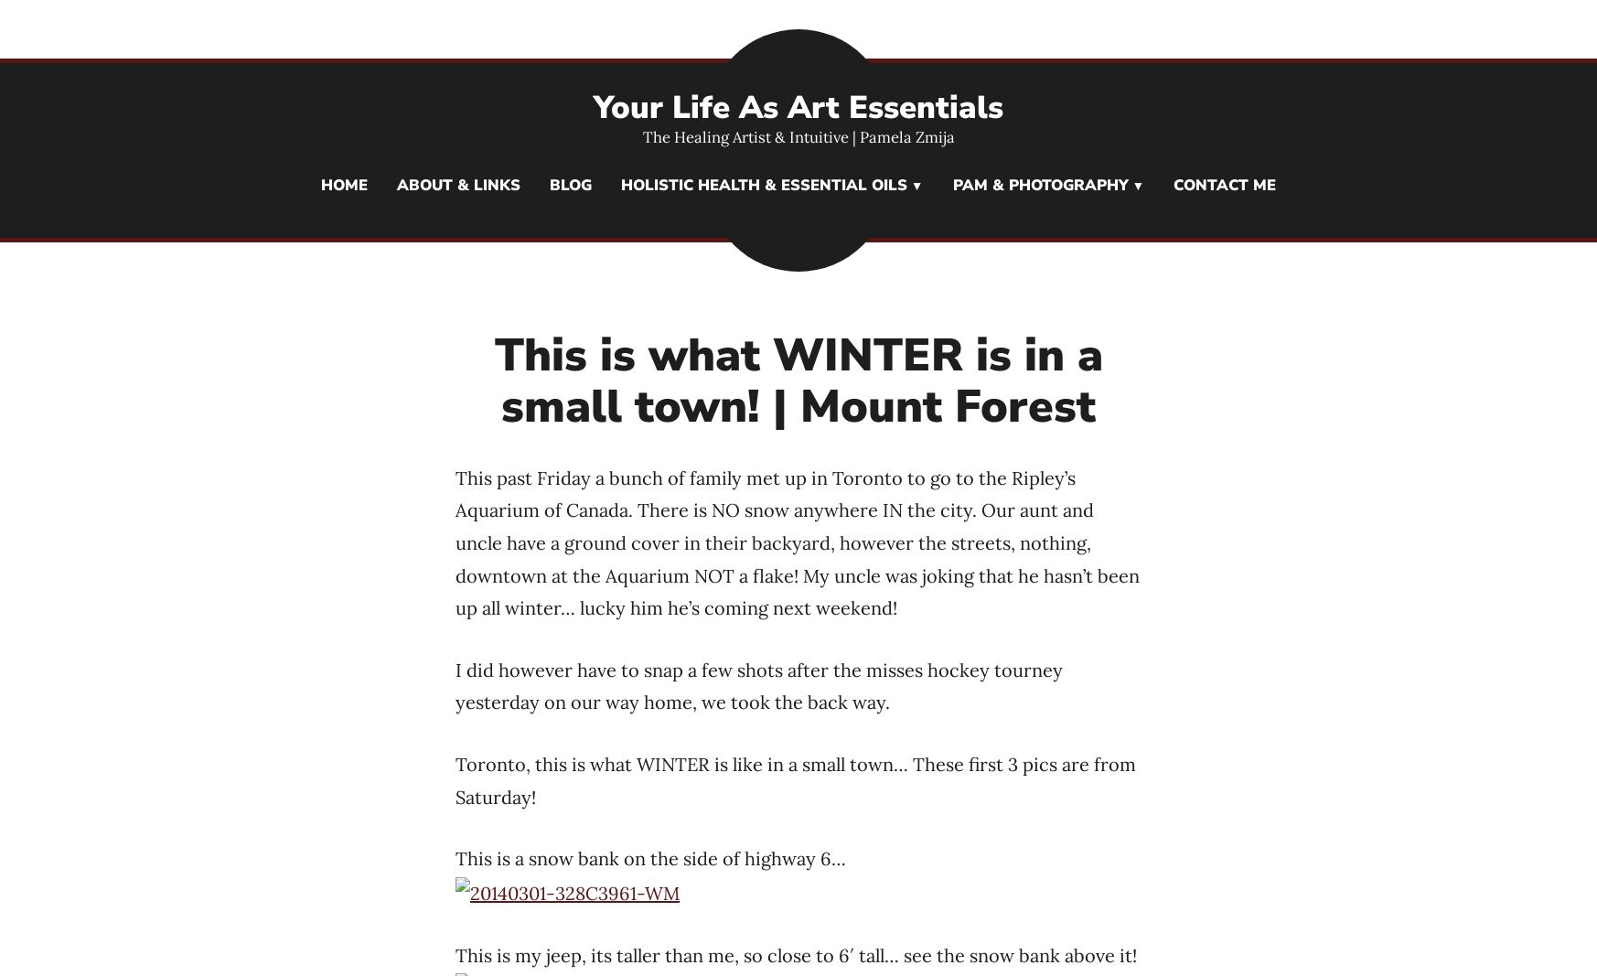  I want to click on 'Home', so click(342, 185).